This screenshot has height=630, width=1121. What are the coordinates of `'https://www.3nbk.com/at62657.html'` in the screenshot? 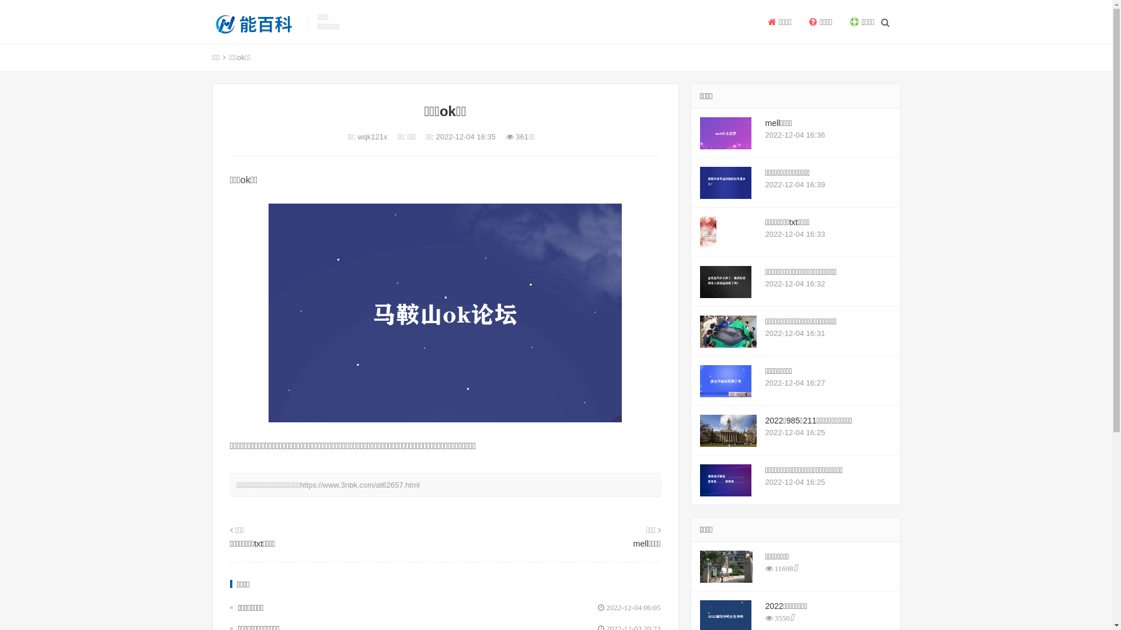 It's located at (359, 485).